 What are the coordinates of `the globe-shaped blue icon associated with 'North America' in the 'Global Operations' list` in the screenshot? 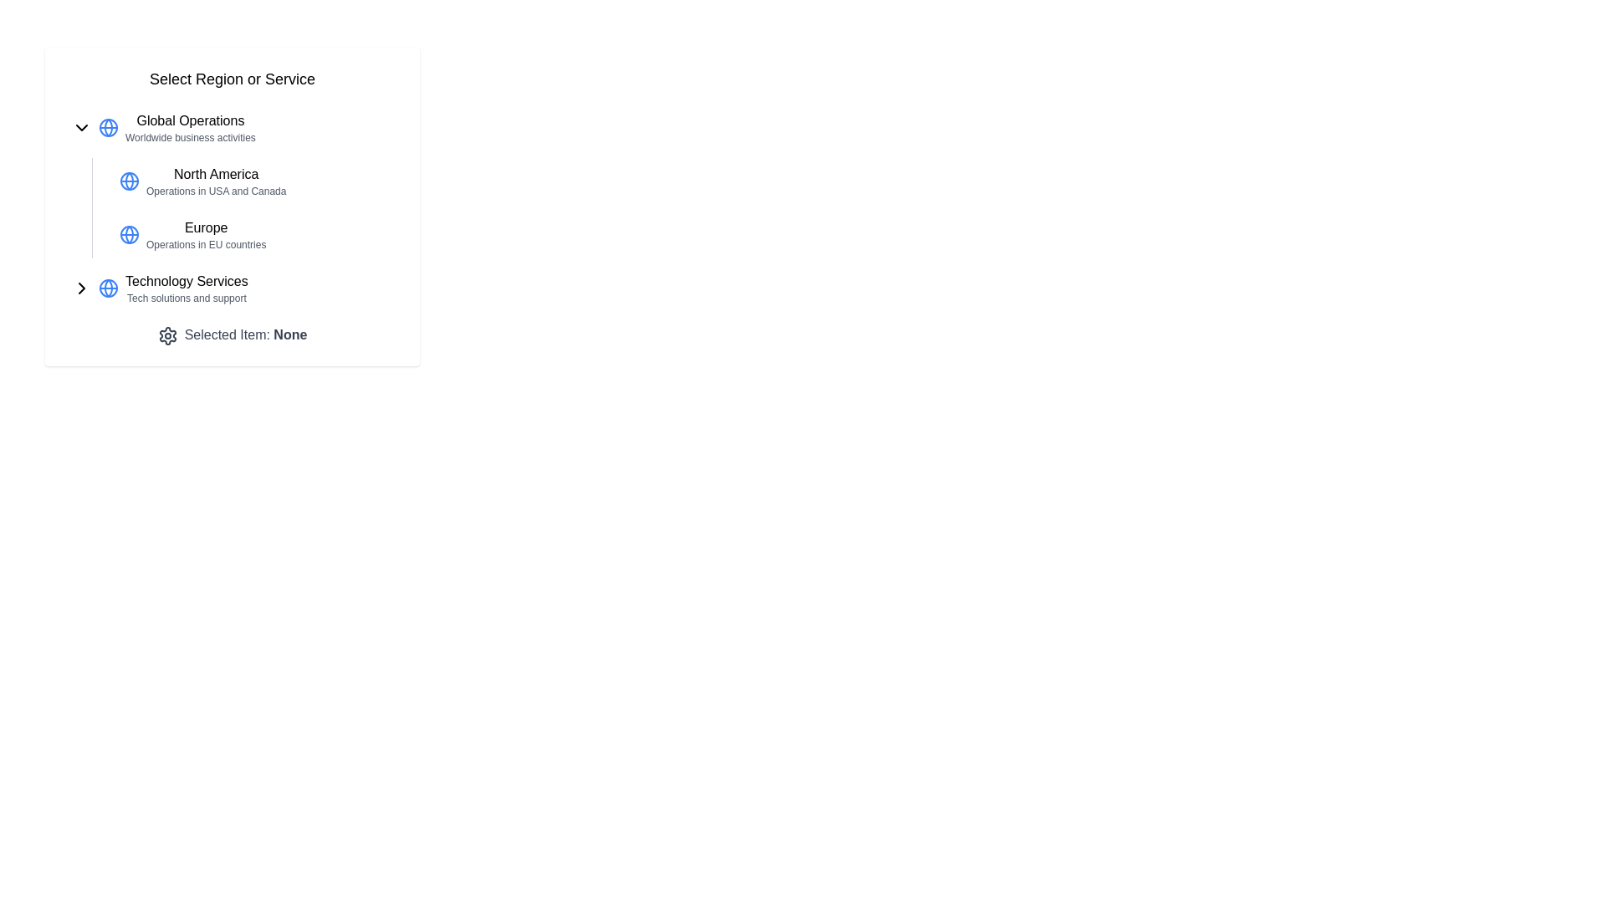 It's located at (128, 181).